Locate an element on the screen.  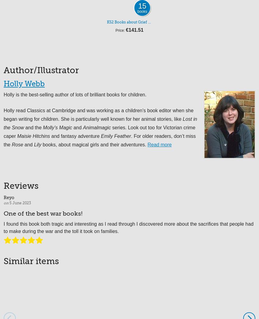
'Emily Feather' is located at coordinates (115, 136).